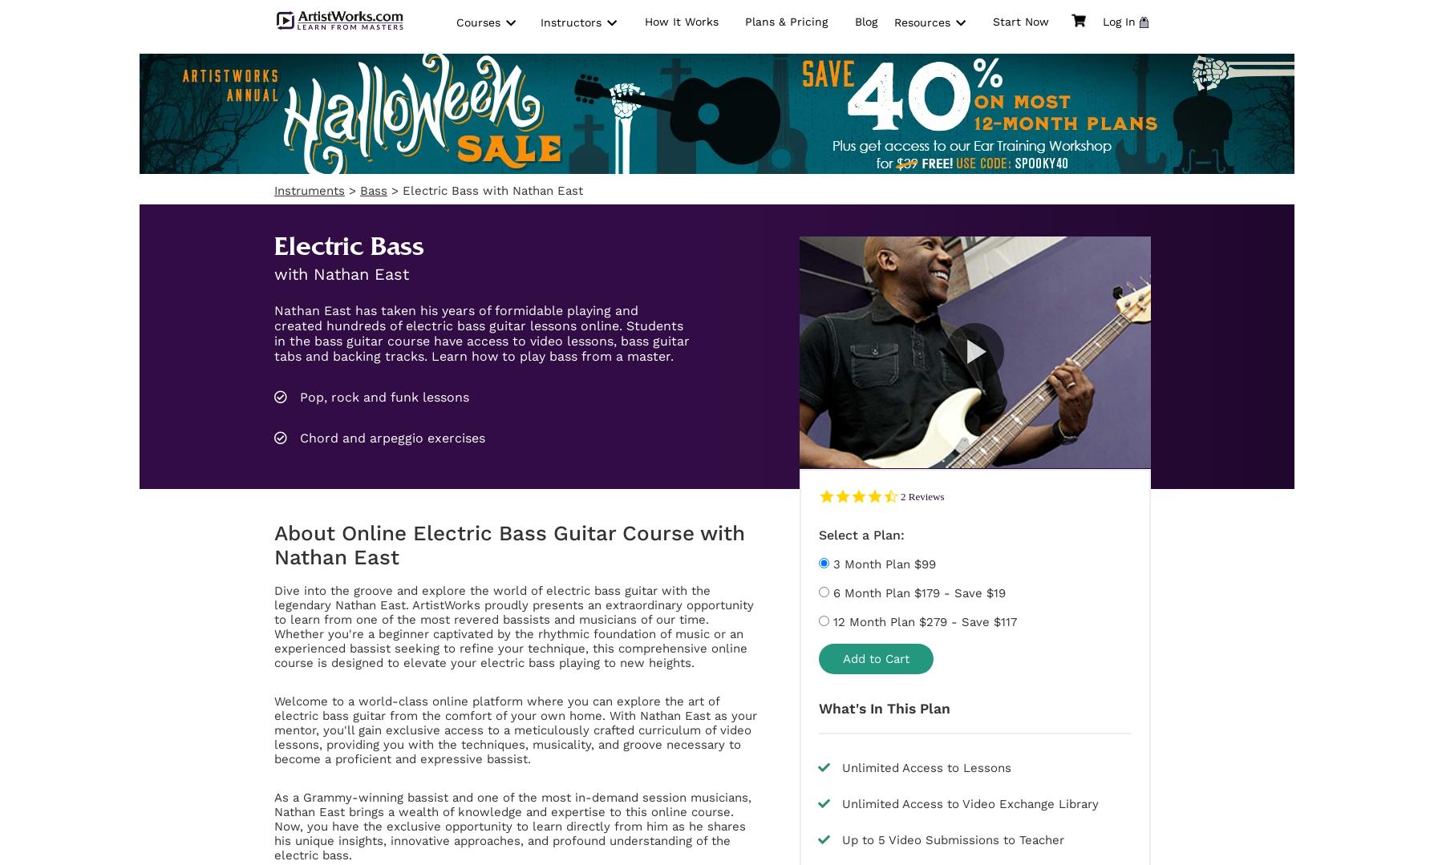 The width and height of the screenshot is (1434, 865). Describe the element at coordinates (509, 544) in the screenshot. I see `'About Online Electric Bass Guitar Course with Nathan East'` at that location.